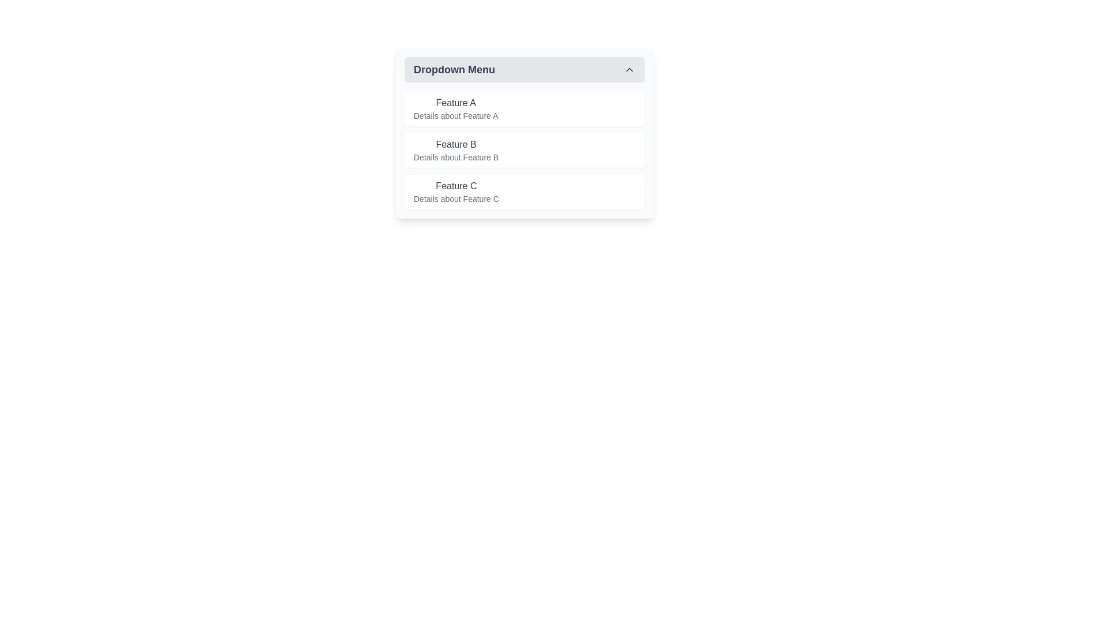  What do you see at coordinates (455, 144) in the screenshot?
I see `title 'Feature B' which is a bold text label located in the second box of the dropdown menu` at bounding box center [455, 144].